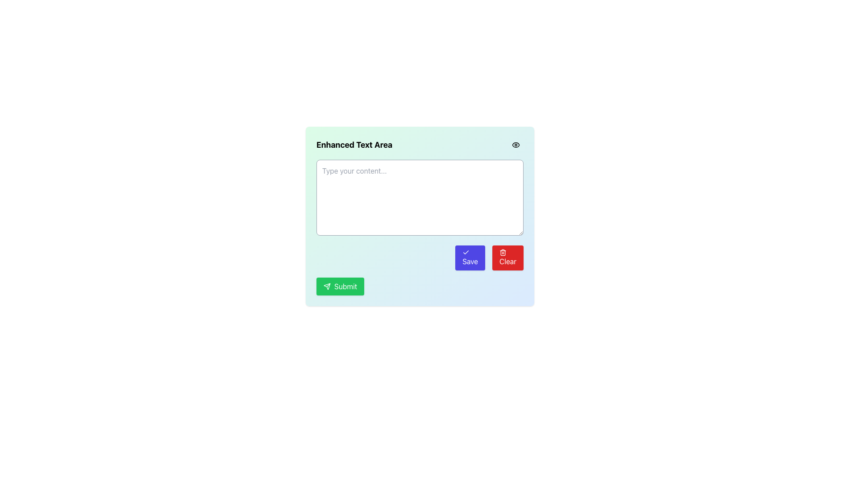 Image resolution: width=857 pixels, height=482 pixels. Describe the element at coordinates (516, 144) in the screenshot. I see `the small circular icon button resembling an eye, located in the upper-right section of the interface near the enhanced text area` at that location.